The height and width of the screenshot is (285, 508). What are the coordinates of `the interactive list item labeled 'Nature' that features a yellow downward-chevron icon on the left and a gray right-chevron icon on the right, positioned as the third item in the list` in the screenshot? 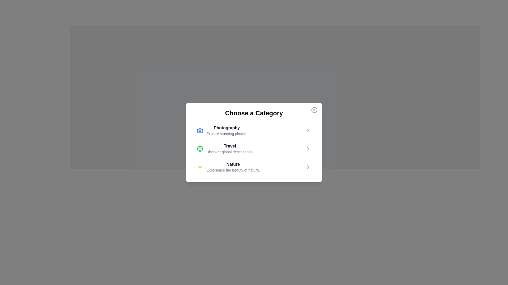 It's located at (254, 167).